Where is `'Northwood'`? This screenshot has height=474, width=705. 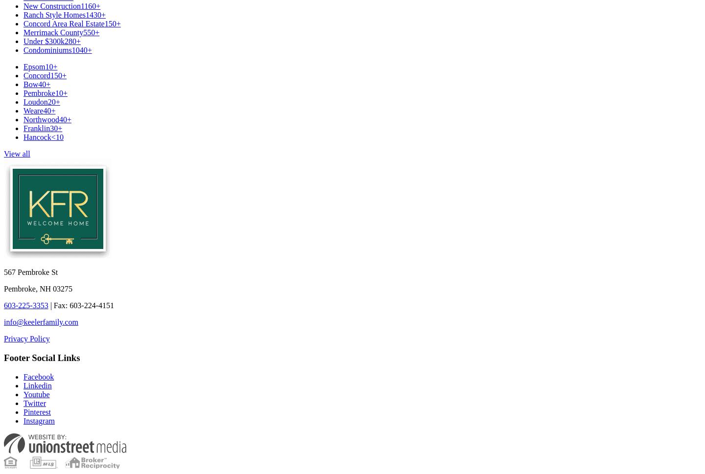
'Northwood' is located at coordinates (41, 119).